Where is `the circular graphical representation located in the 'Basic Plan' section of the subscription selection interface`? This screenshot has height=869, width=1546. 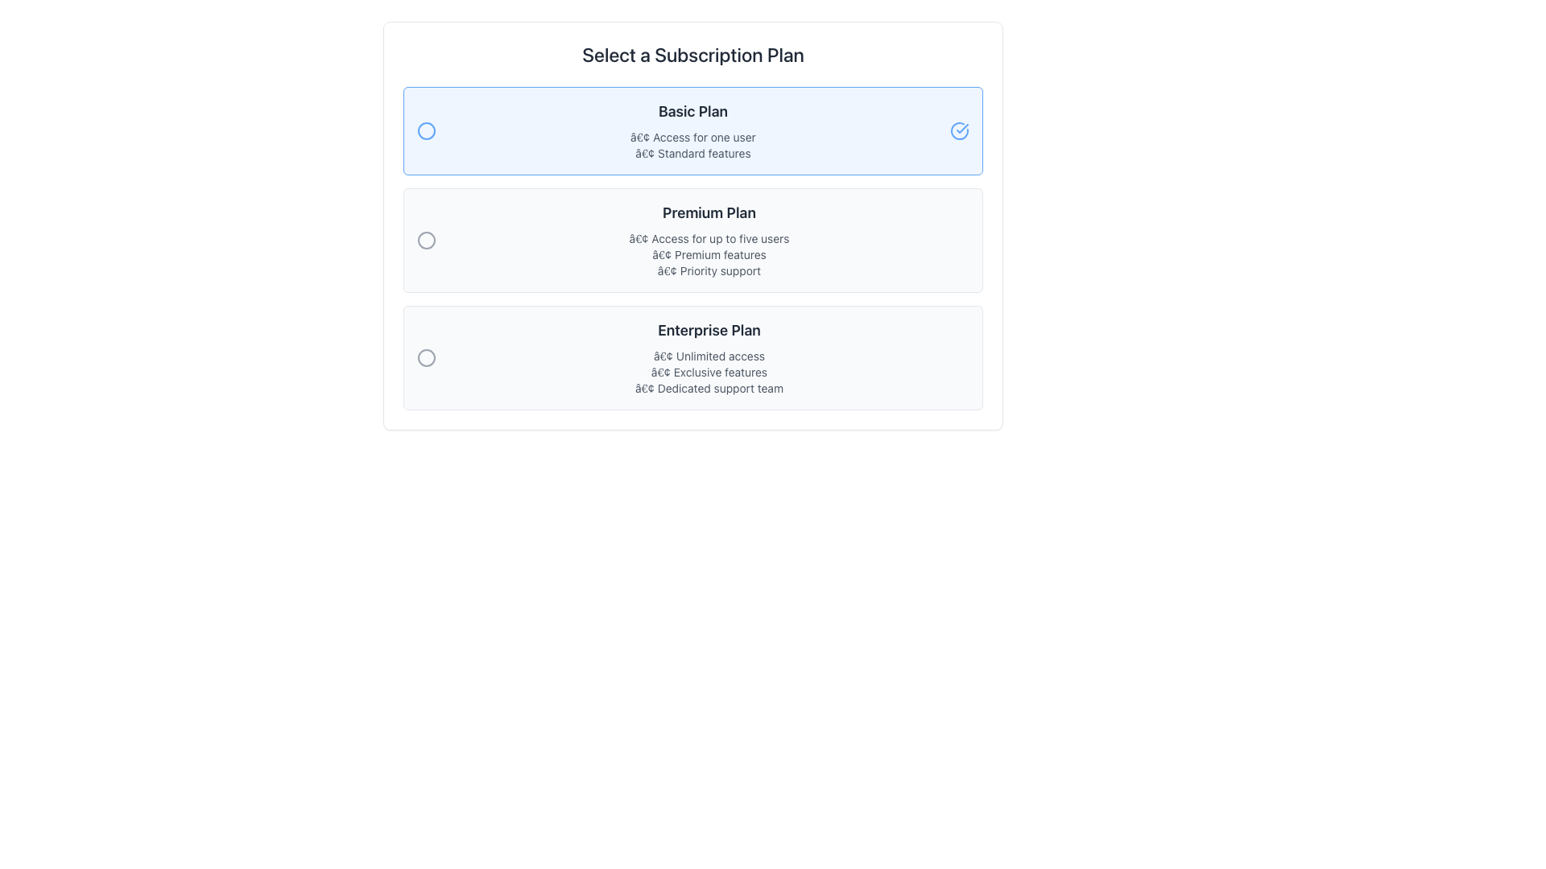 the circular graphical representation located in the 'Basic Plan' section of the subscription selection interface is located at coordinates (426, 130).